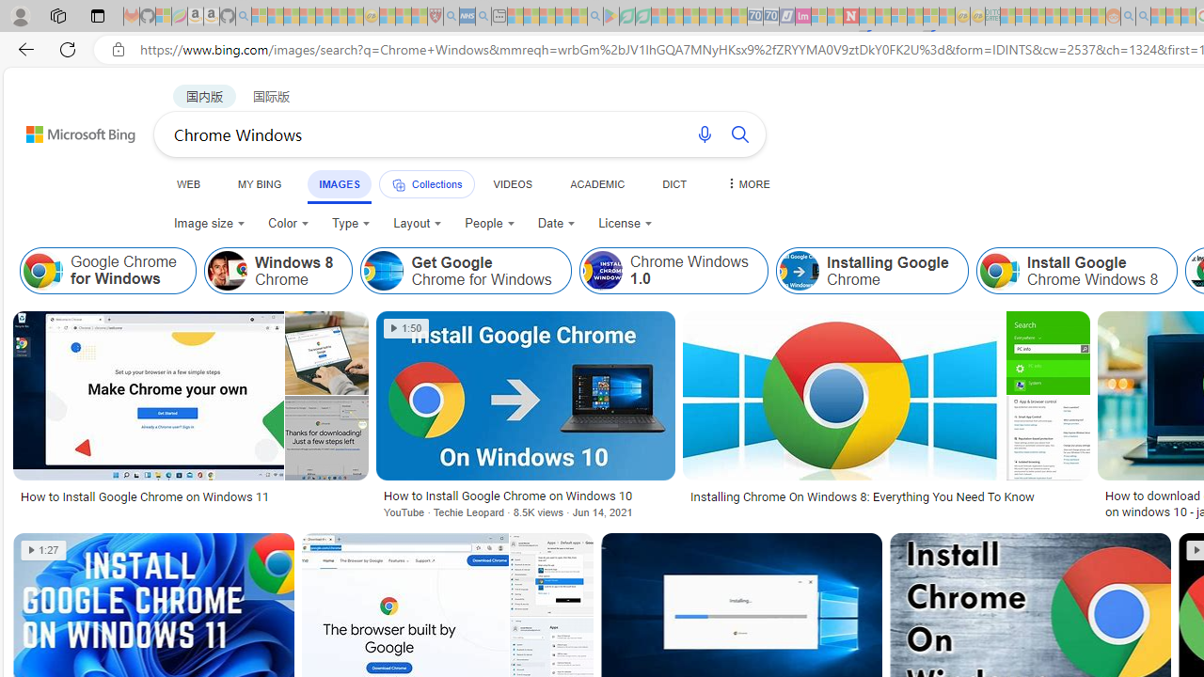  Describe the element at coordinates (1076, 271) in the screenshot. I see `'Class: item col'` at that location.